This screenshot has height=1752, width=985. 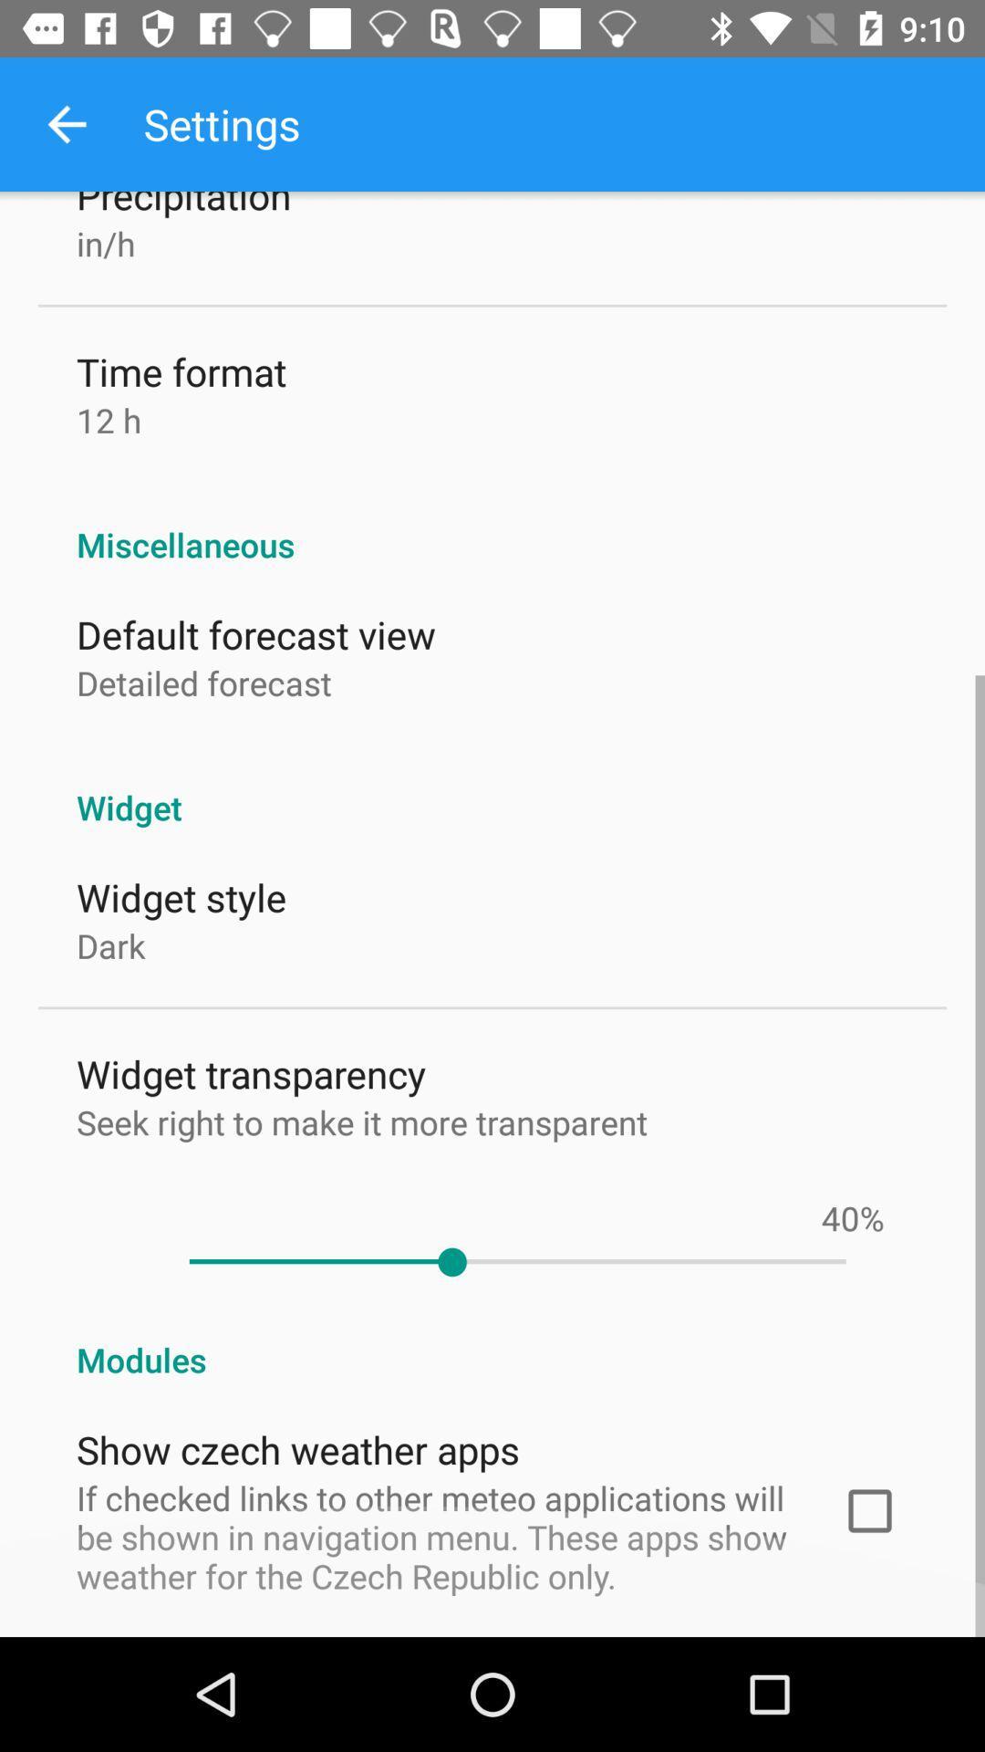 What do you see at coordinates (871, 1217) in the screenshot?
I see `the icon below widget icon` at bounding box center [871, 1217].